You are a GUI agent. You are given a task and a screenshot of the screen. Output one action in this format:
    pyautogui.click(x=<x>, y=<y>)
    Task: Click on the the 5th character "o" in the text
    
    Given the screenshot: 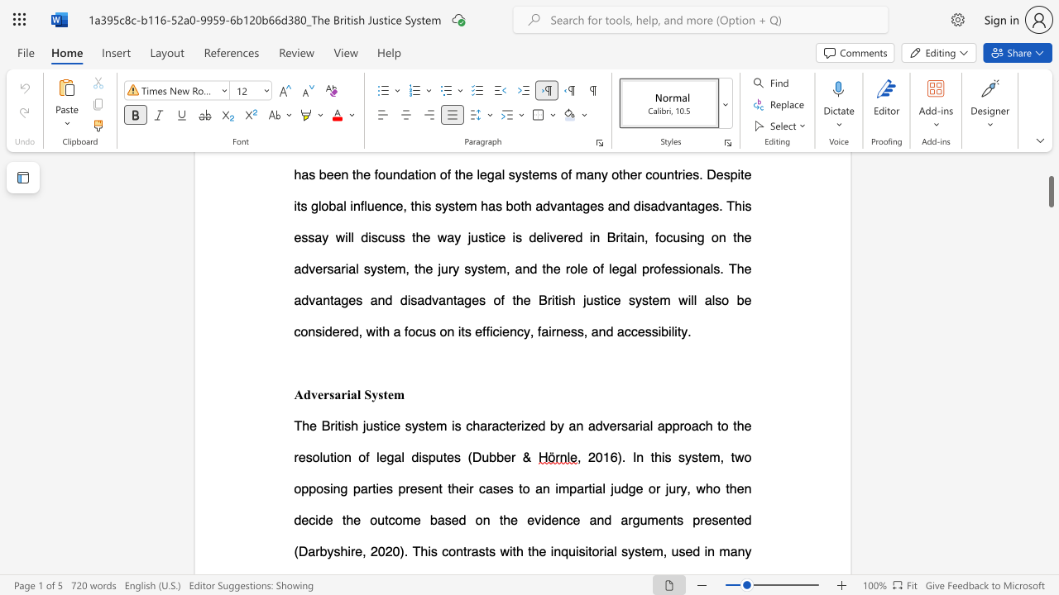 What is the action you would take?
    pyautogui.click(x=361, y=457)
    